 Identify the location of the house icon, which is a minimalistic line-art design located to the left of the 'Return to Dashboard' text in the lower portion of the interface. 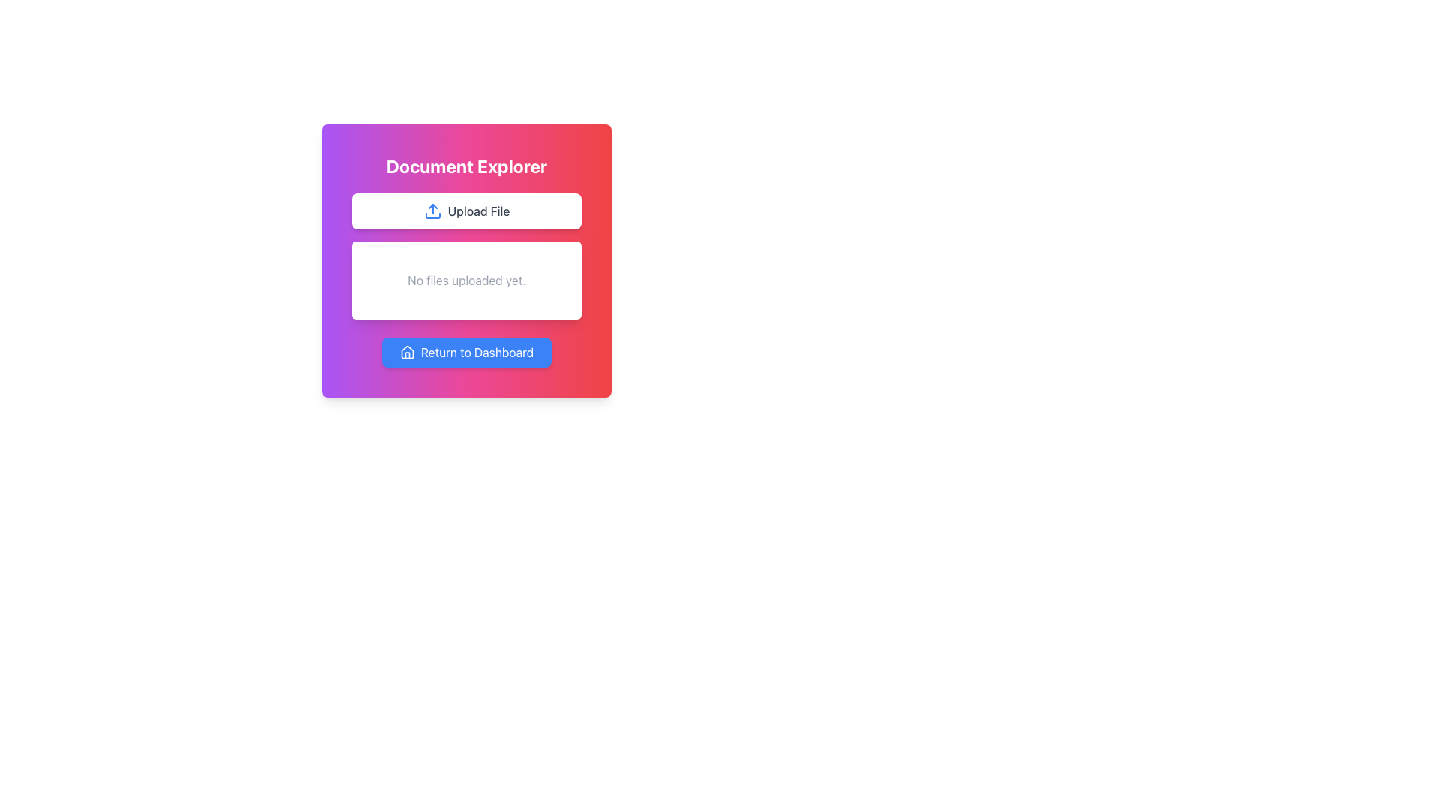
(407, 352).